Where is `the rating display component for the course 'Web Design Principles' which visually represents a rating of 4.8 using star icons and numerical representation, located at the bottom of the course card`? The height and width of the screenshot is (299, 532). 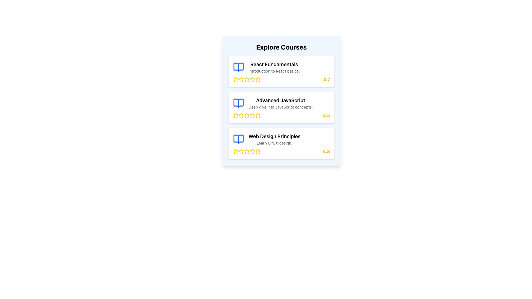
the rating display component for the course 'Web Design Principles' which visually represents a rating of 4.8 using star icons and numerical representation, located at the bottom of the course card is located at coordinates (282, 151).